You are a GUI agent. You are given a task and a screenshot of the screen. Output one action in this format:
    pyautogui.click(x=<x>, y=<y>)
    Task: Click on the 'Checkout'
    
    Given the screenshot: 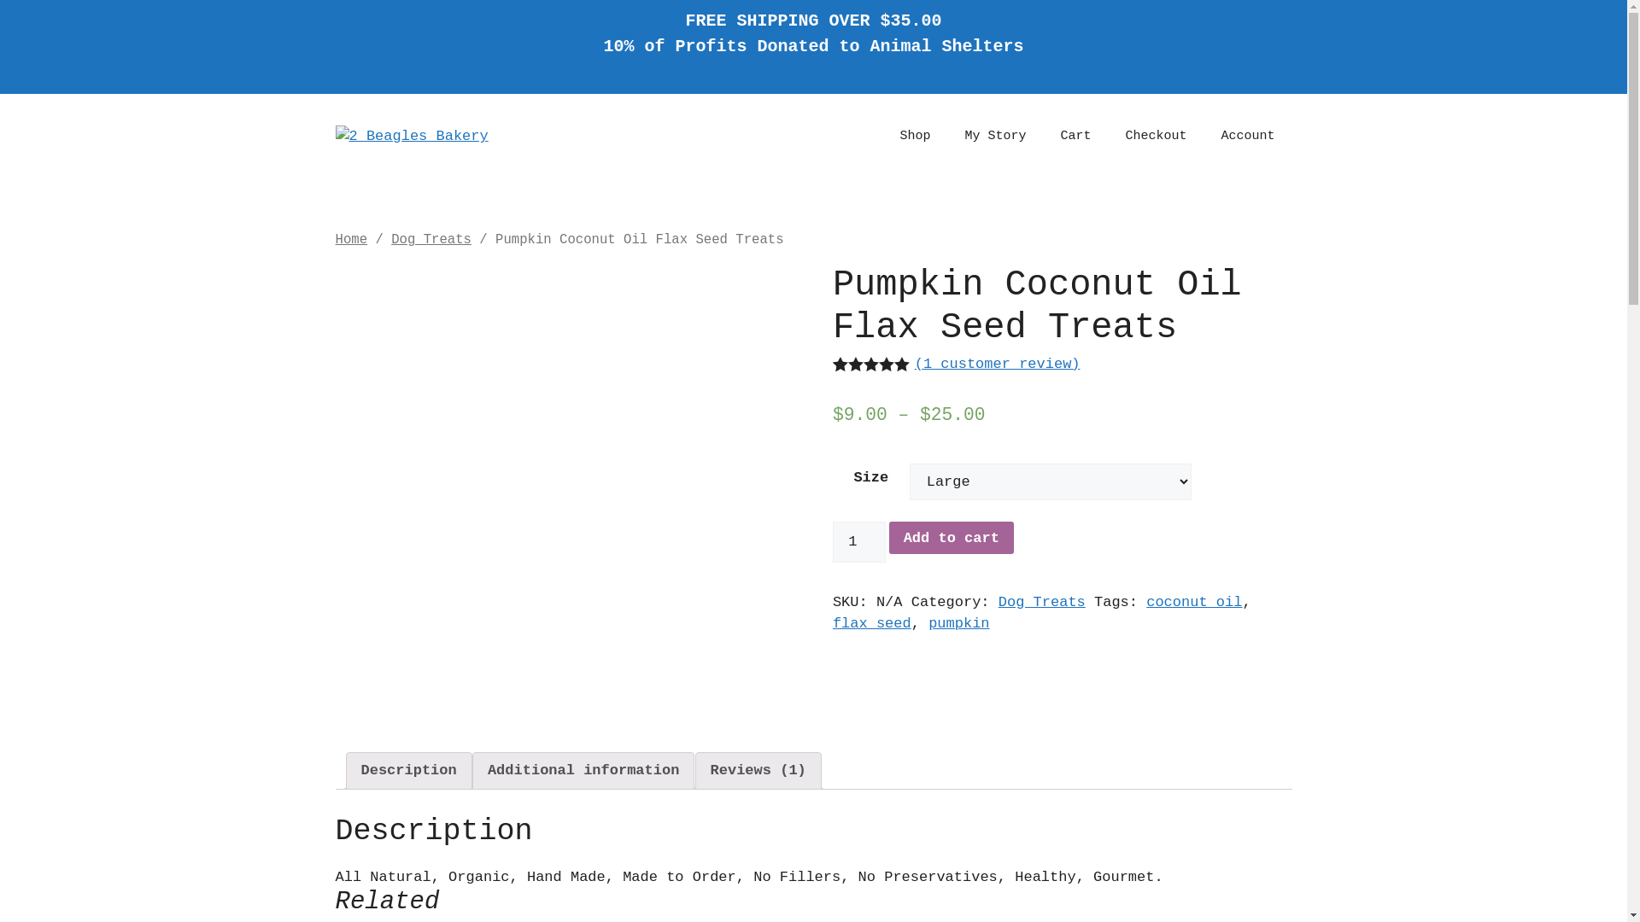 What is the action you would take?
    pyautogui.click(x=1156, y=135)
    